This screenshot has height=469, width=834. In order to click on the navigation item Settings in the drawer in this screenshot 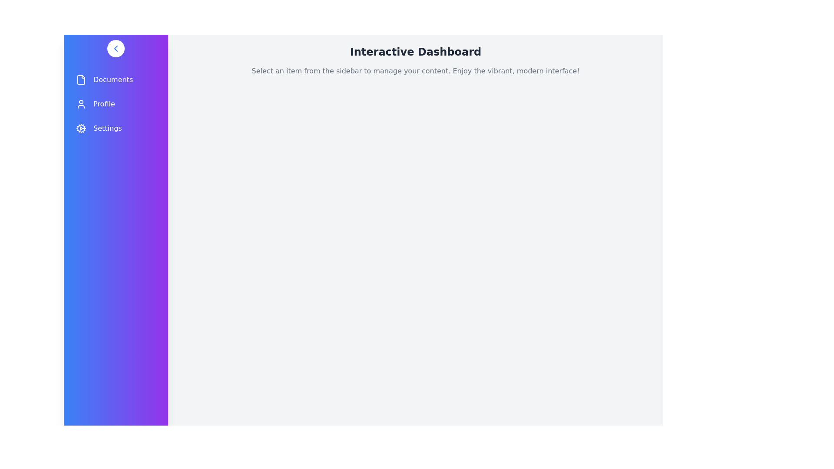, I will do `click(116, 129)`.